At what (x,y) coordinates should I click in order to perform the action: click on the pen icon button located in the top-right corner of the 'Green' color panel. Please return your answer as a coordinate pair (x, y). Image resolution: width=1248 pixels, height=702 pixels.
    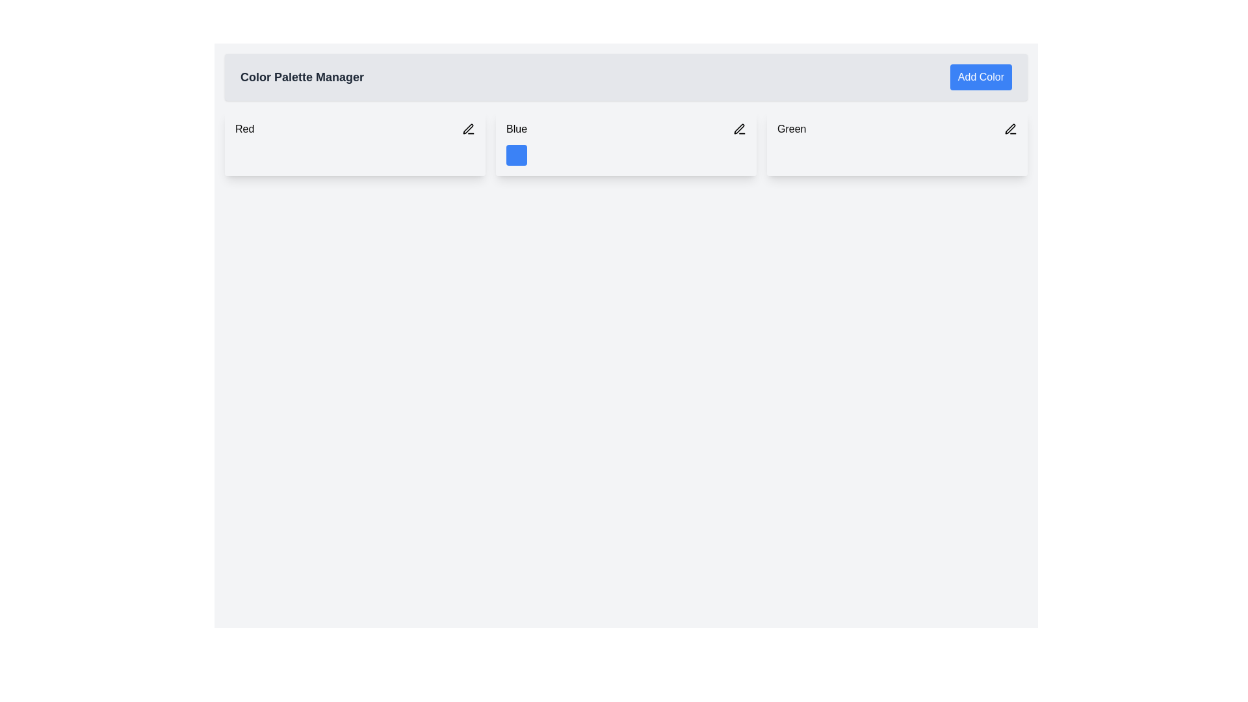
    Looking at the image, I should click on (1010, 129).